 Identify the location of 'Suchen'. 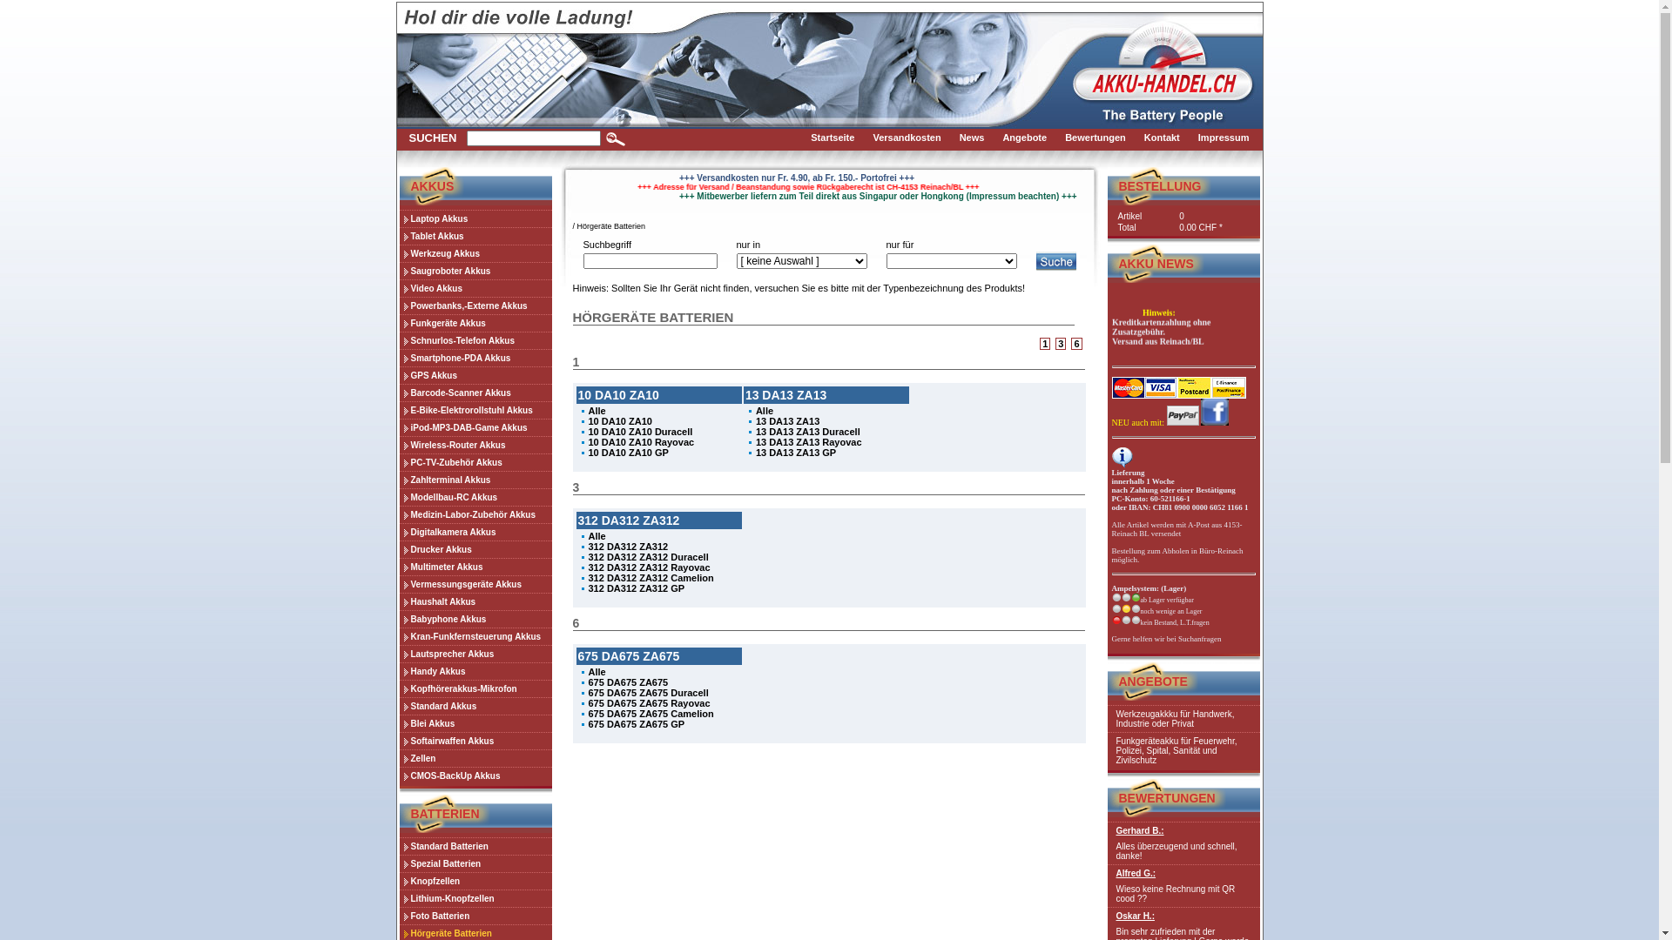
(605, 138).